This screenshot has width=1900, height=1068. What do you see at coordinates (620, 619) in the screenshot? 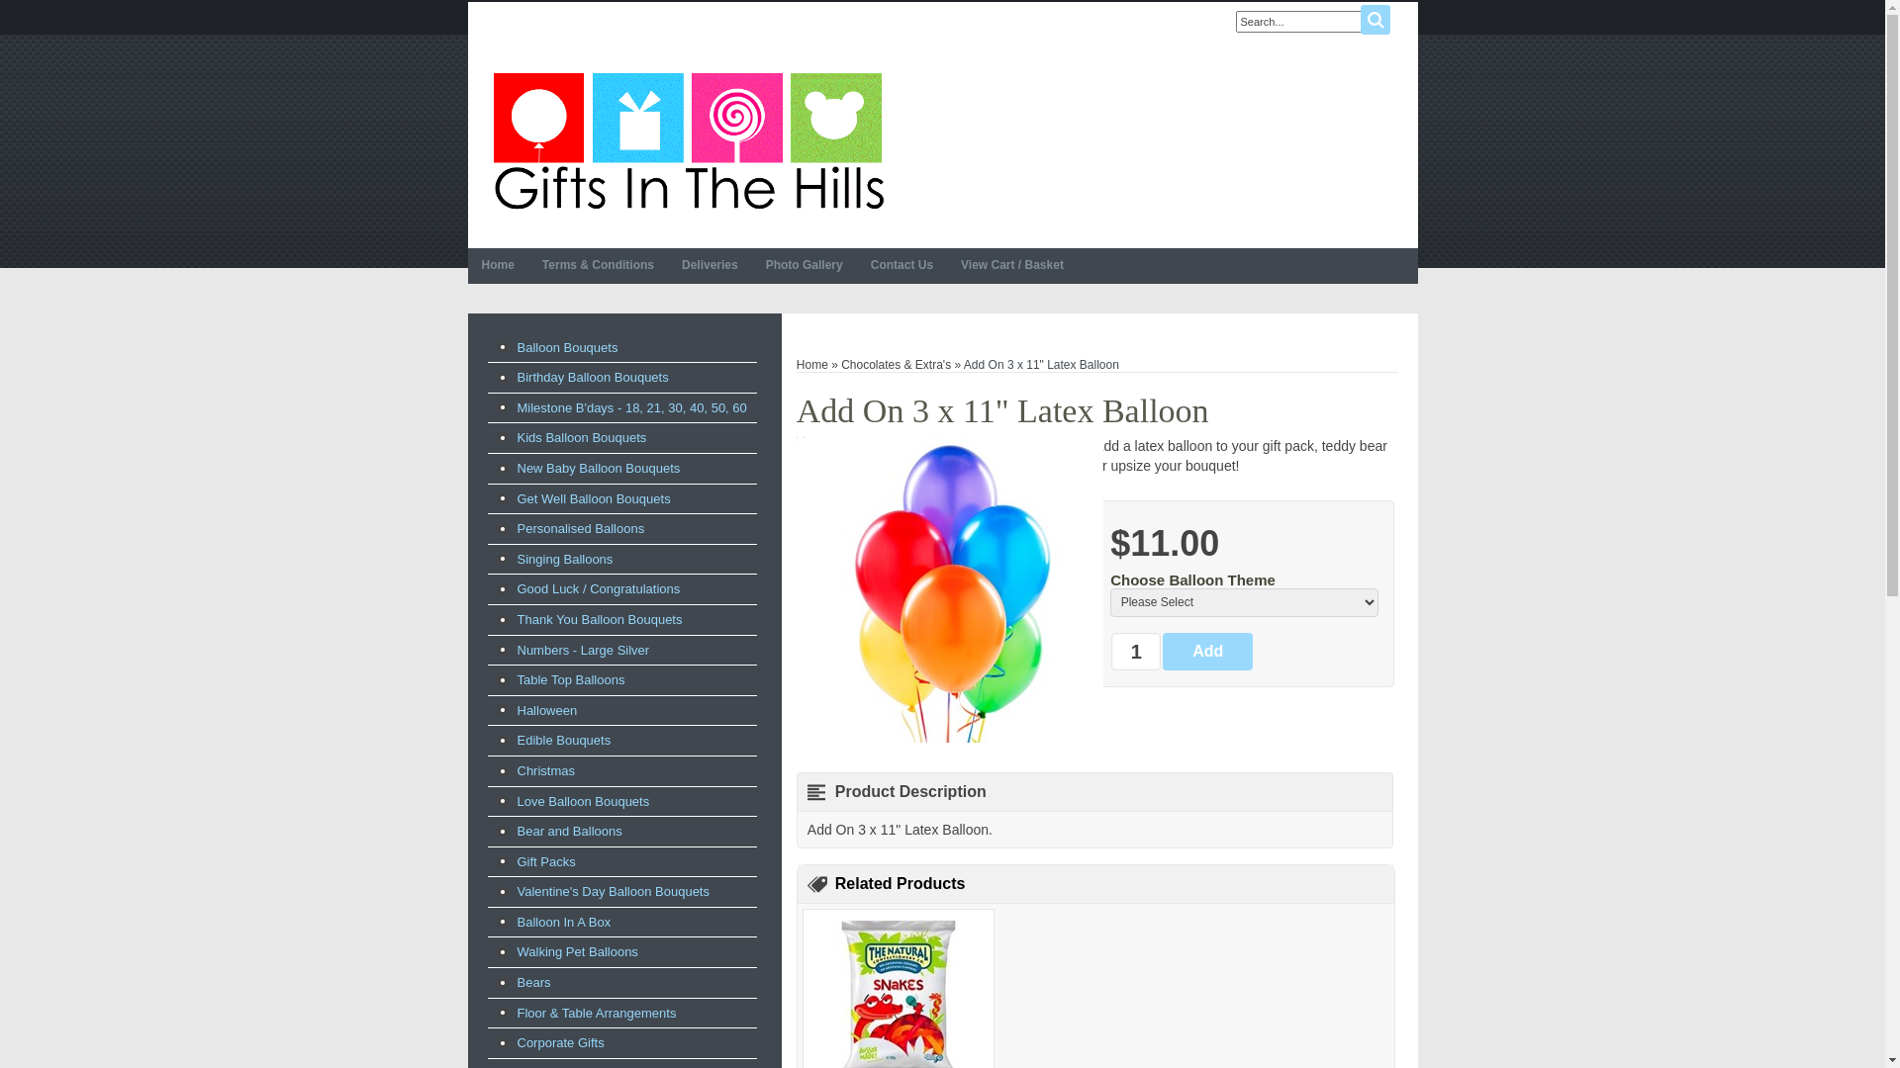
I see `'Thank You Balloon Bouquets'` at bounding box center [620, 619].